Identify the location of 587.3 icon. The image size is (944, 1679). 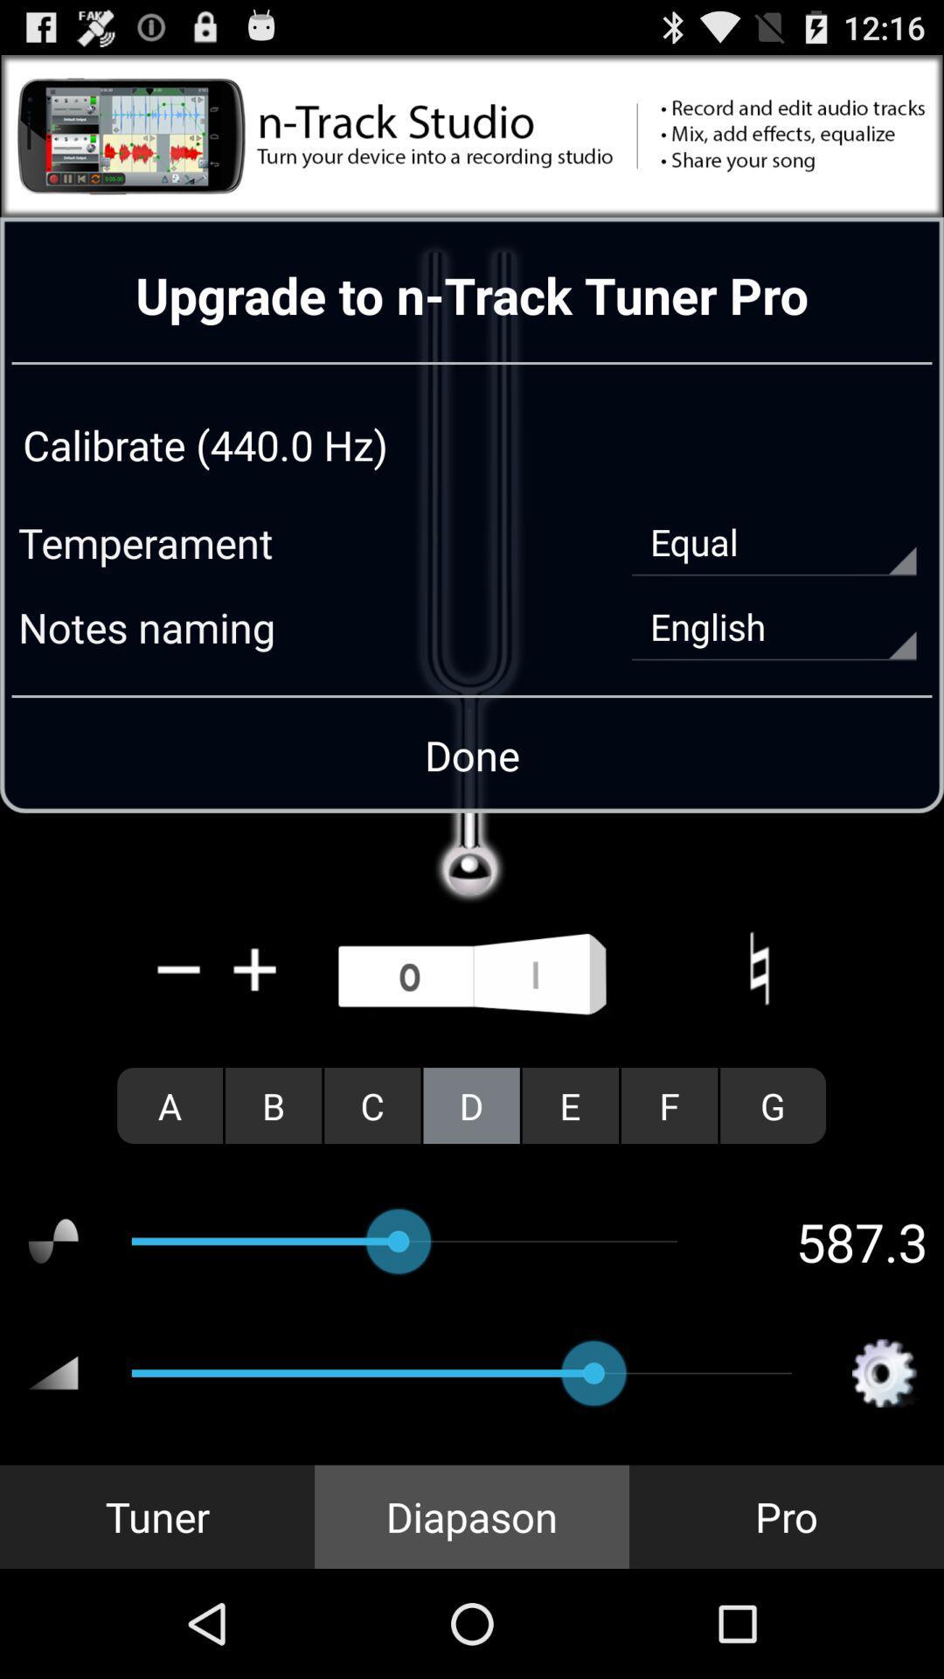
(828, 1240).